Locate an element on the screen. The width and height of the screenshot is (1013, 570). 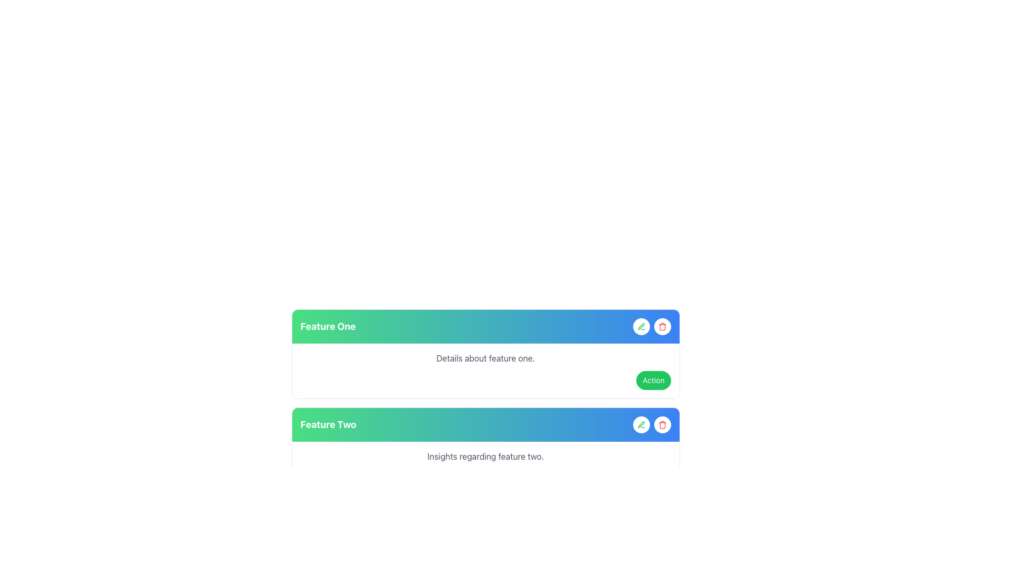
the editing icon located on the right side of the 'Feature Two' panel is located at coordinates (641, 326).